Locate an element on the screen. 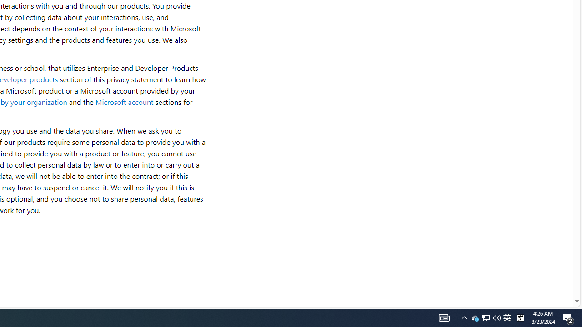  'Microsoft account' is located at coordinates (124, 102).